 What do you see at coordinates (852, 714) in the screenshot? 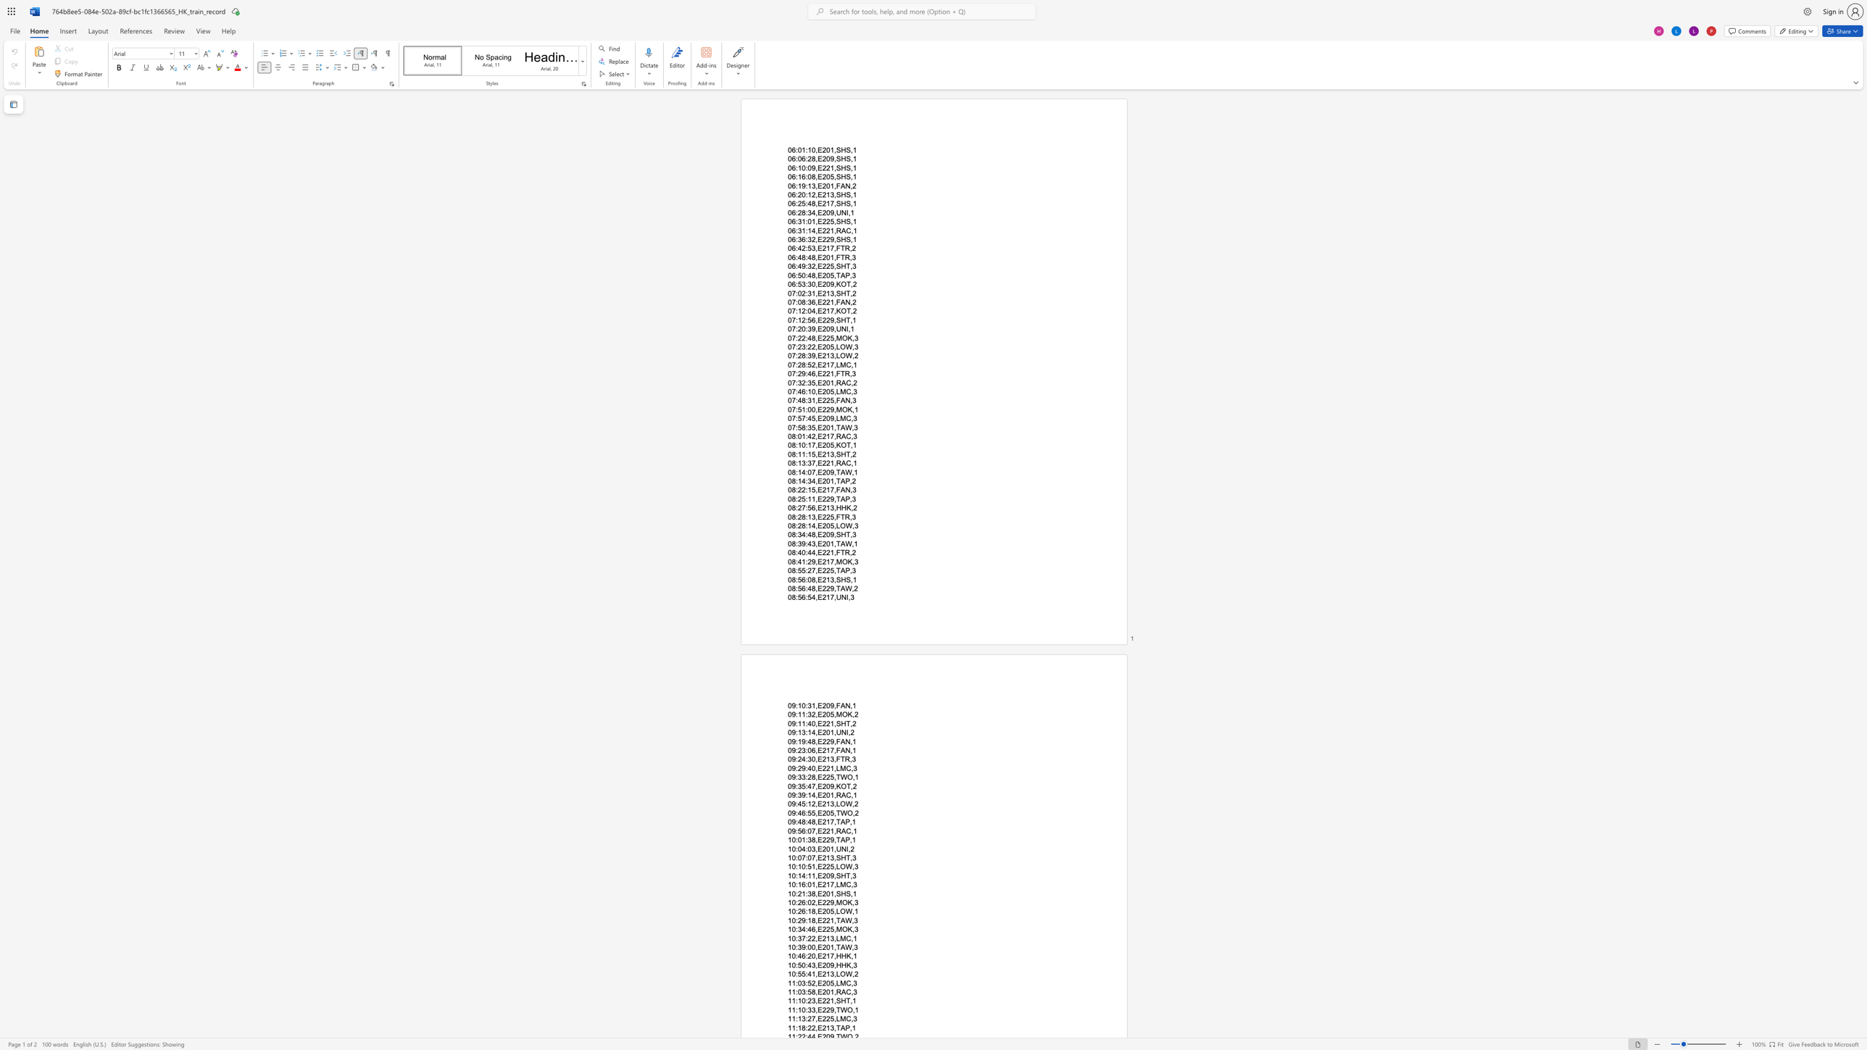
I see `the subset text ",2" within the text "09:11:32,E205,MOK,2"` at bounding box center [852, 714].